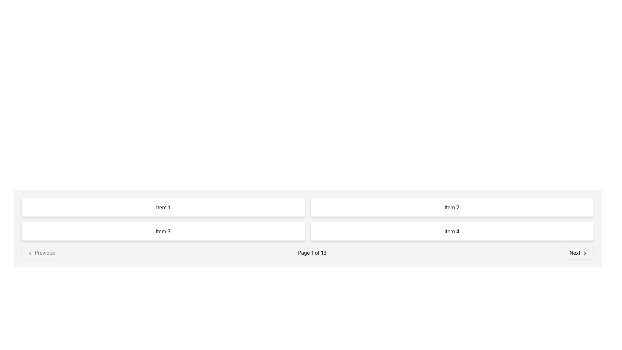 The height and width of the screenshot is (350, 622). Describe the element at coordinates (585, 252) in the screenshot. I see `the right-facing chevron icon located to the right of the 'Next' text within the 'Next' button to initiate navigation` at that location.